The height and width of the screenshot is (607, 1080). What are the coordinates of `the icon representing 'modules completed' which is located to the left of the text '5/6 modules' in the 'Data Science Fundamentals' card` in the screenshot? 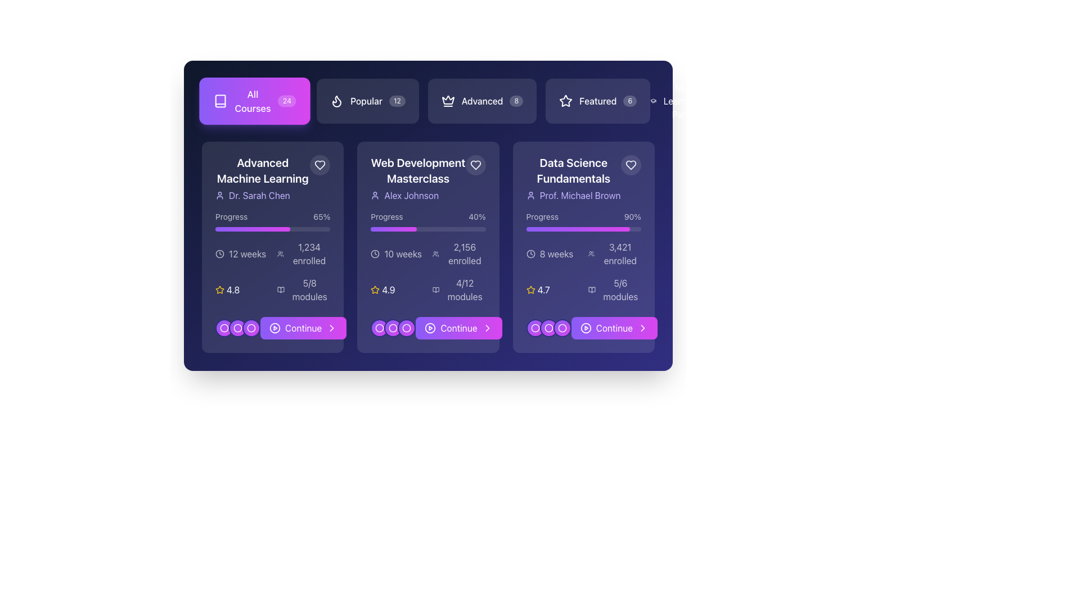 It's located at (591, 289).